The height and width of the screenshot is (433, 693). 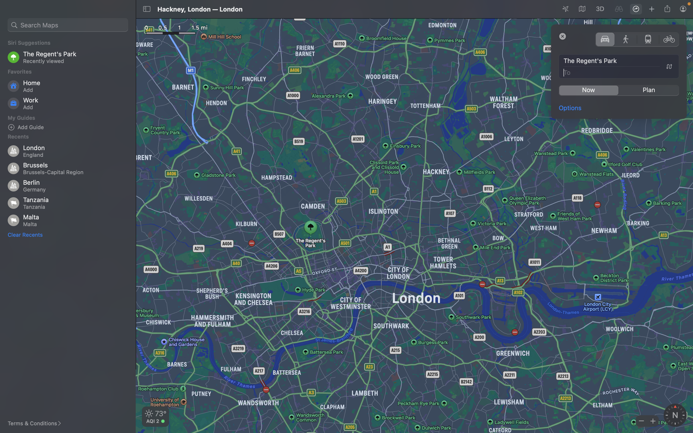 What do you see at coordinates (619, 61) in the screenshot?
I see `Click the "start location" box and type in "New York City", then confirm by pressing enter` at bounding box center [619, 61].